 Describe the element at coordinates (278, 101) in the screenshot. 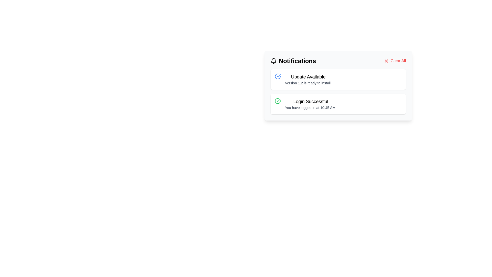

I see `the success icon located at the leftmost side of the notification card indicating 'Login Successful'` at that location.